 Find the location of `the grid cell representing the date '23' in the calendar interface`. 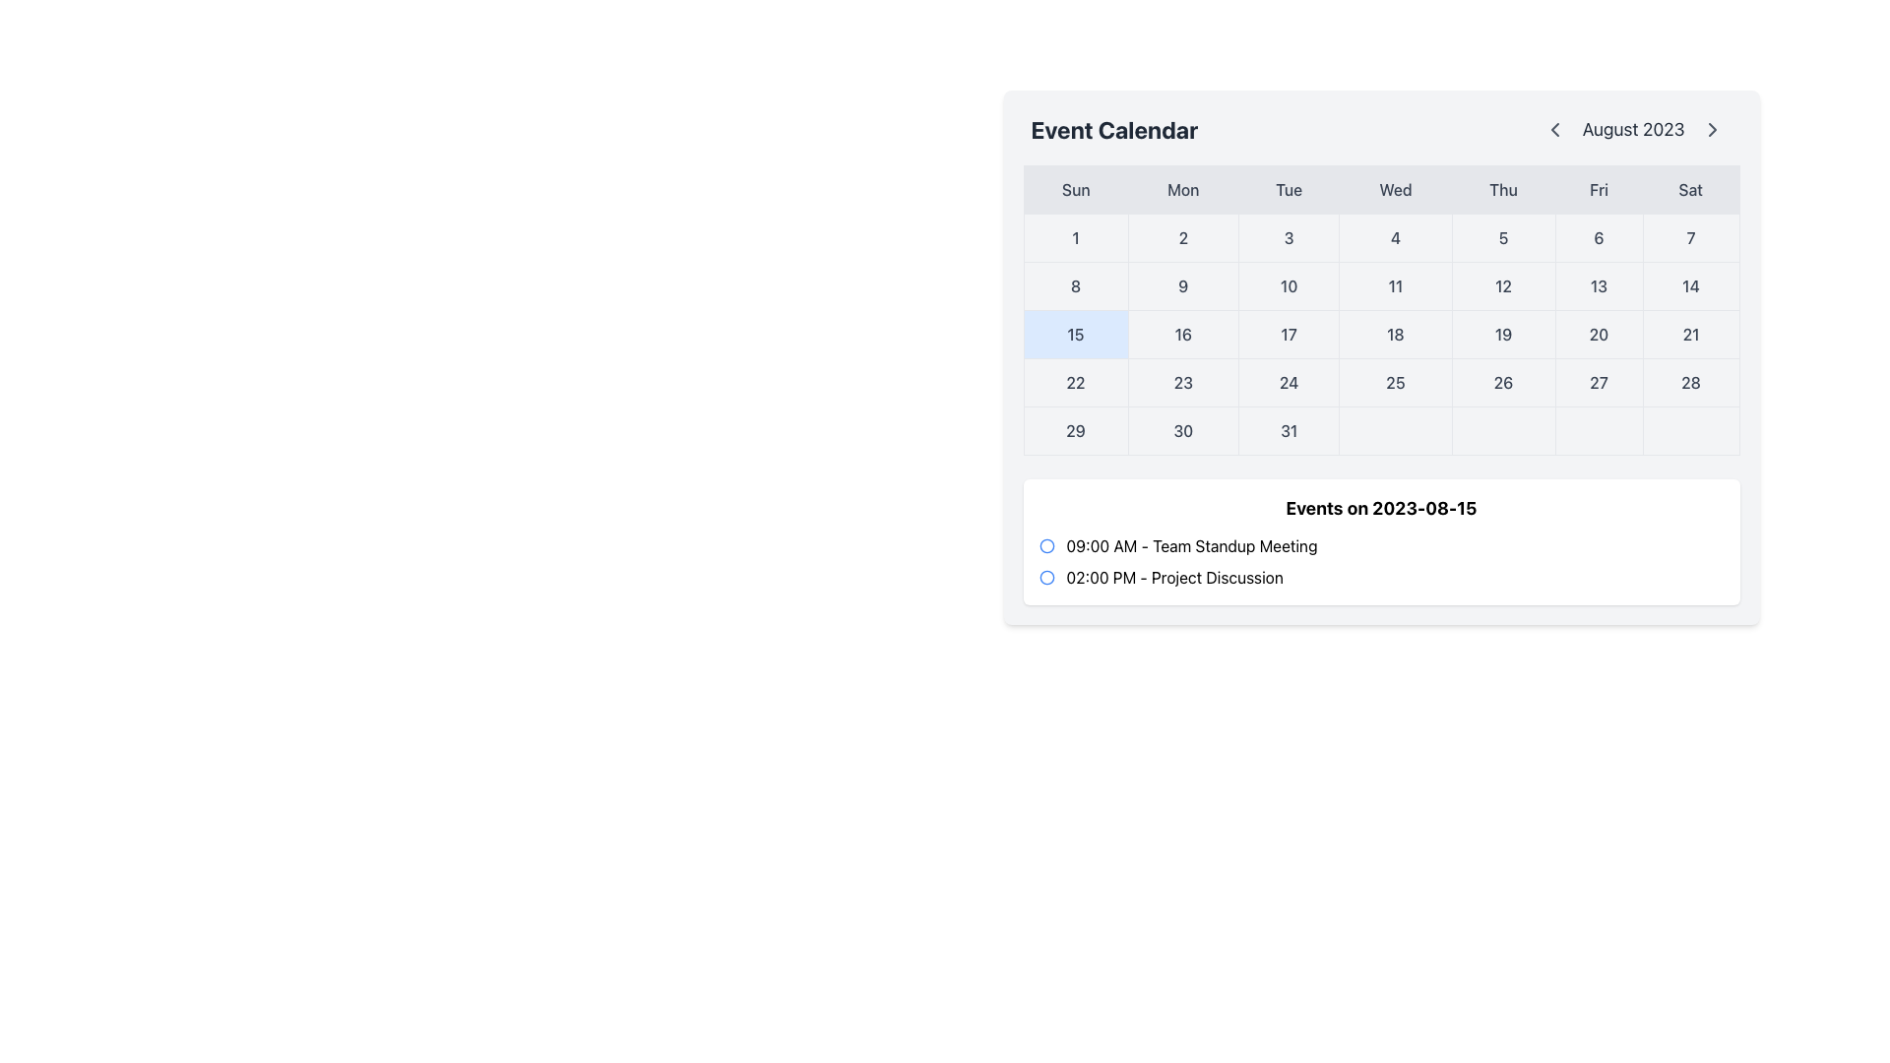

the grid cell representing the date '23' in the calendar interface is located at coordinates (1182, 383).